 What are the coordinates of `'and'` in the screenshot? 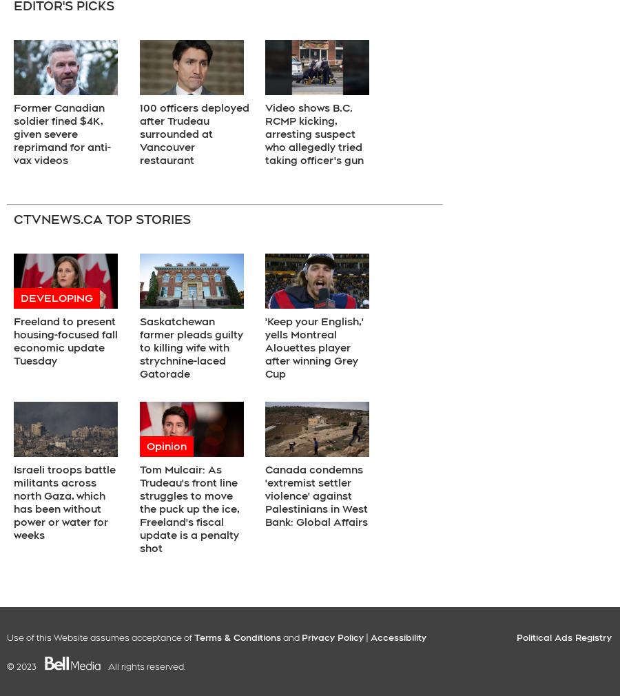 It's located at (291, 637).